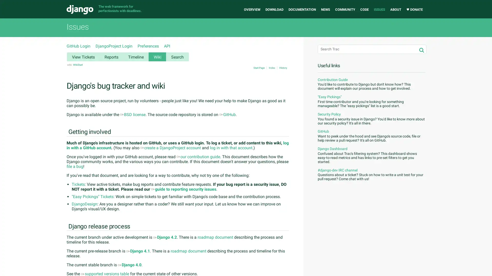 This screenshot has height=276, width=492. What do you see at coordinates (422, 50) in the screenshot?
I see `Search` at bounding box center [422, 50].